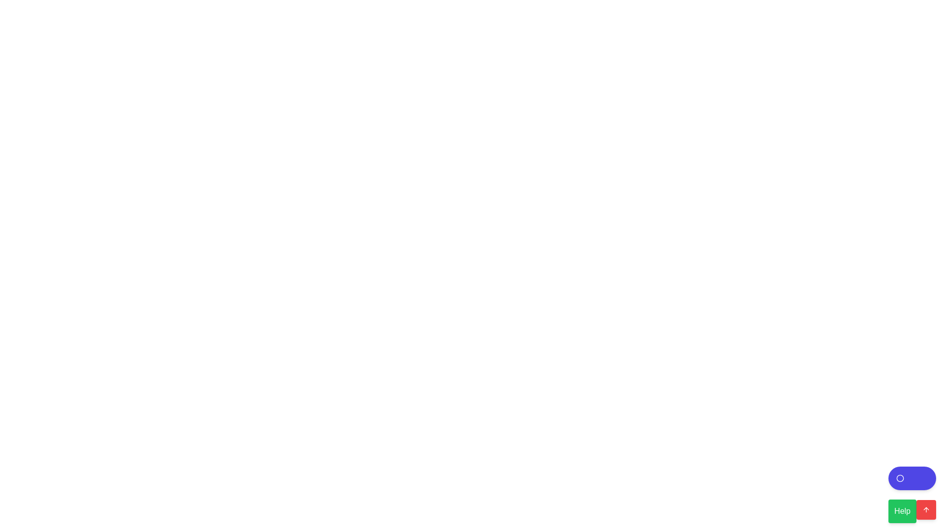 This screenshot has width=944, height=531. Describe the element at coordinates (912, 495) in the screenshot. I see `the green 'Help' button located below the blue circular button and to the left of the red upward-arrow button` at that location.